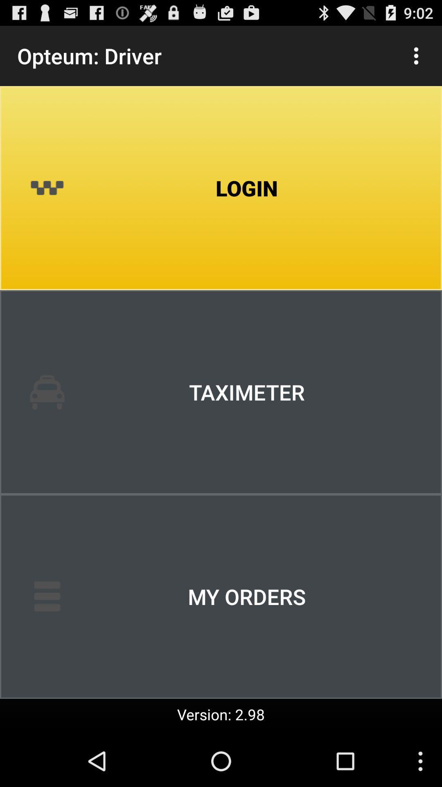 The height and width of the screenshot is (787, 442). Describe the element at coordinates (221, 391) in the screenshot. I see `the item above my orders icon` at that location.